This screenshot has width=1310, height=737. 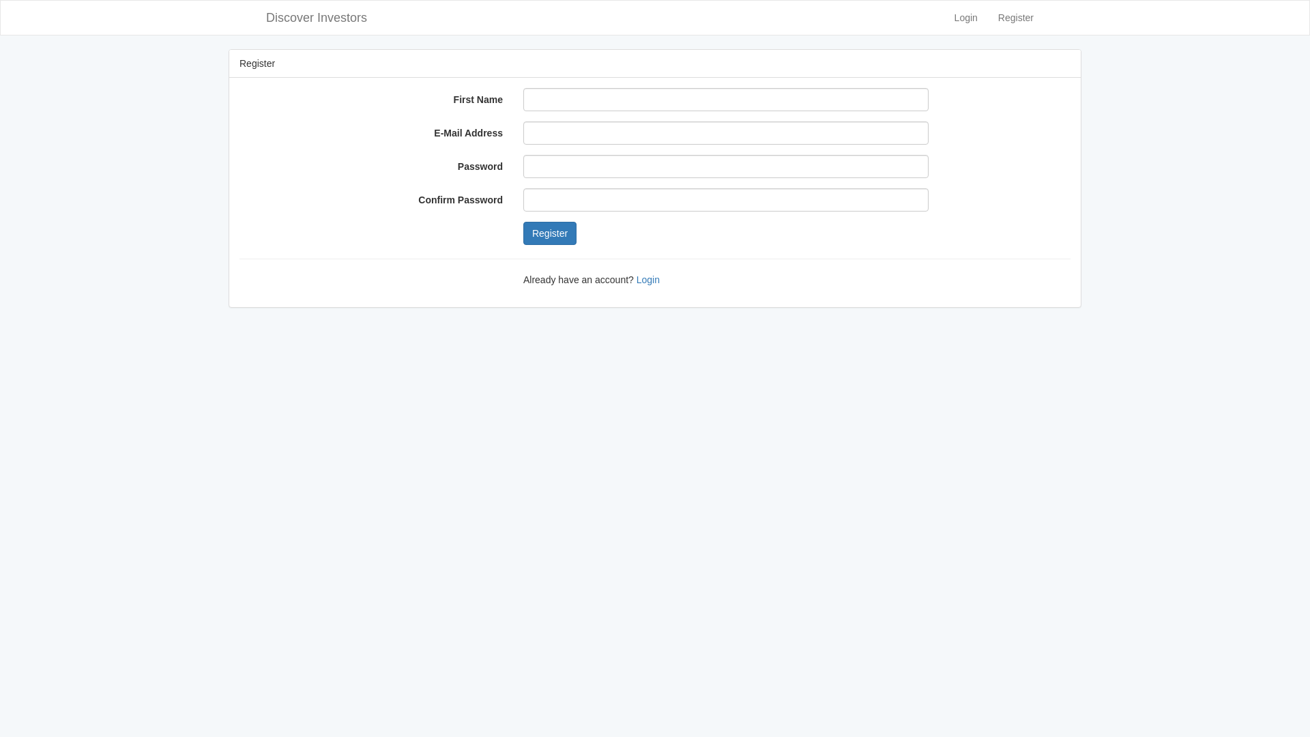 What do you see at coordinates (316, 18) in the screenshot?
I see `'Discover Investors'` at bounding box center [316, 18].